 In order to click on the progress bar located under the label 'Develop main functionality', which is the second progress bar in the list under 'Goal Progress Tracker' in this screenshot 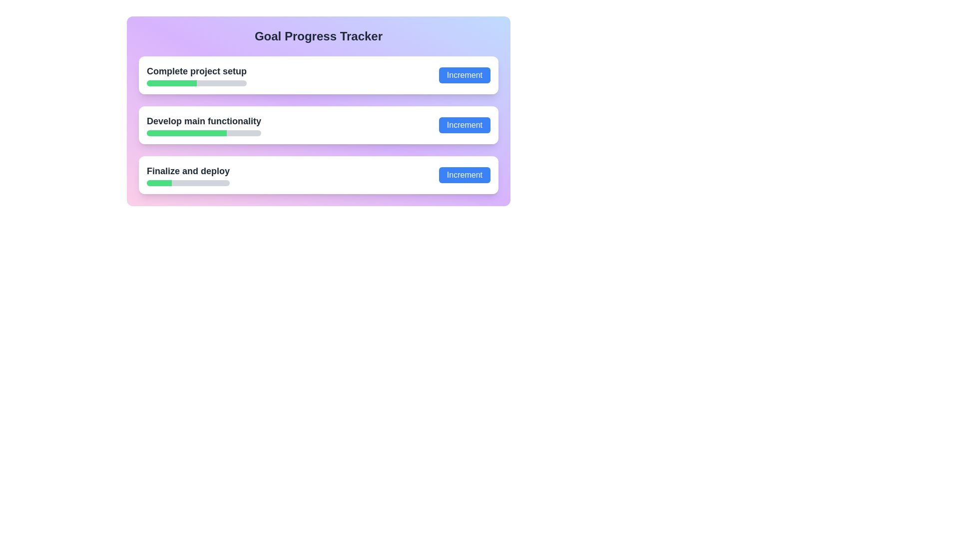, I will do `click(203, 132)`.